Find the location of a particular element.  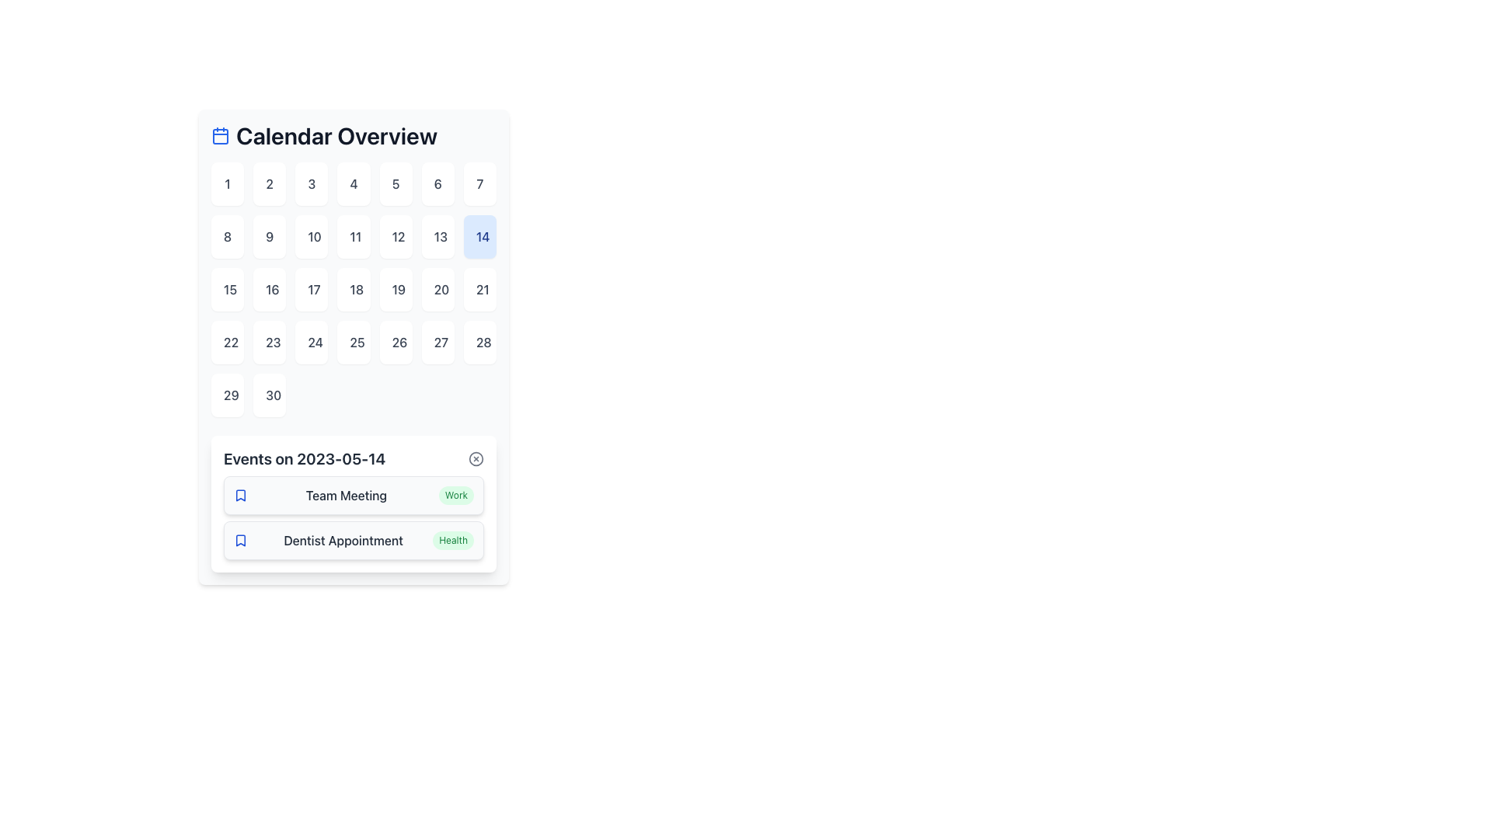

the clickable calendar day cell representing the 28th day of the month, located in the fifth row and seventh column of a grid layout is located at coordinates (479, 341).